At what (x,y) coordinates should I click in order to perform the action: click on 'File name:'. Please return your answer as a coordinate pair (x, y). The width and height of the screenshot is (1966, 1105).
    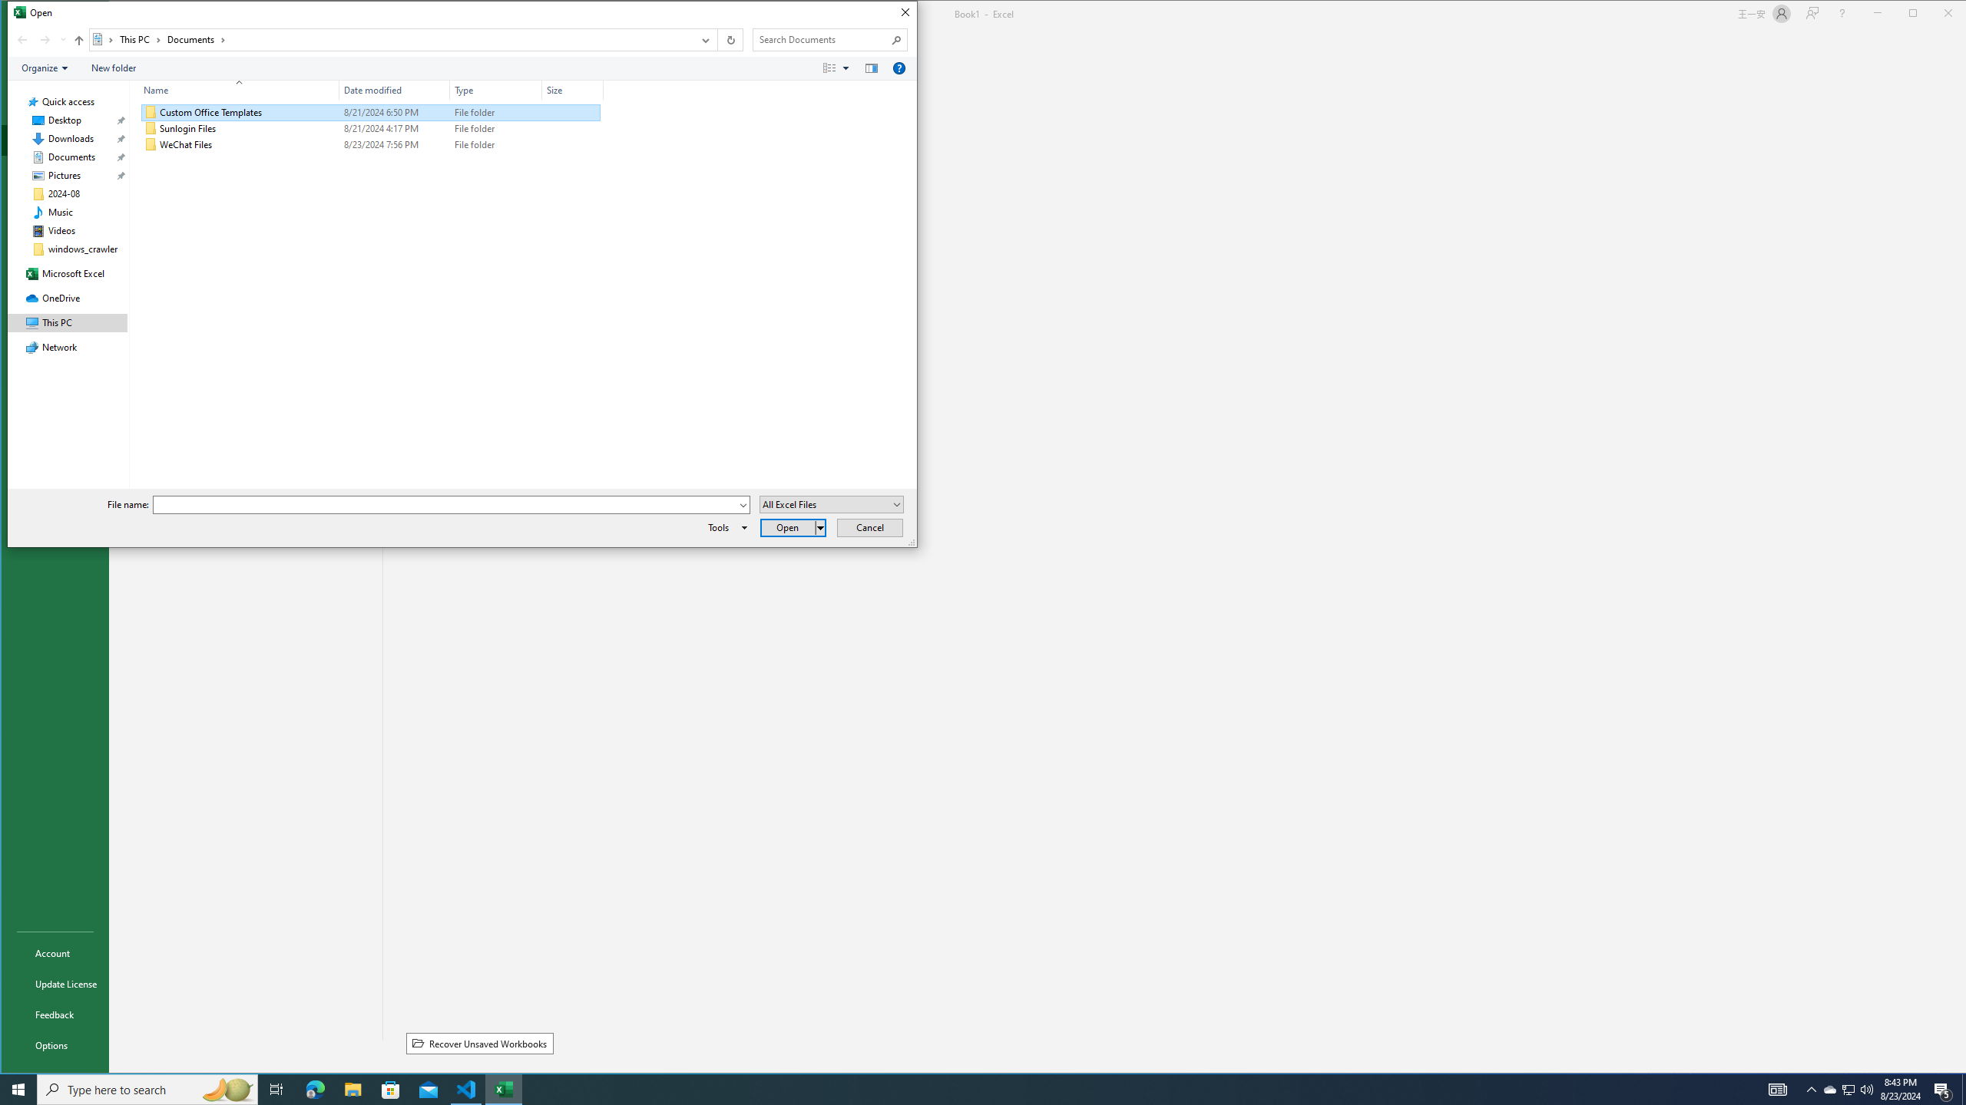
    Looking at the image, I should click on (451, 505).